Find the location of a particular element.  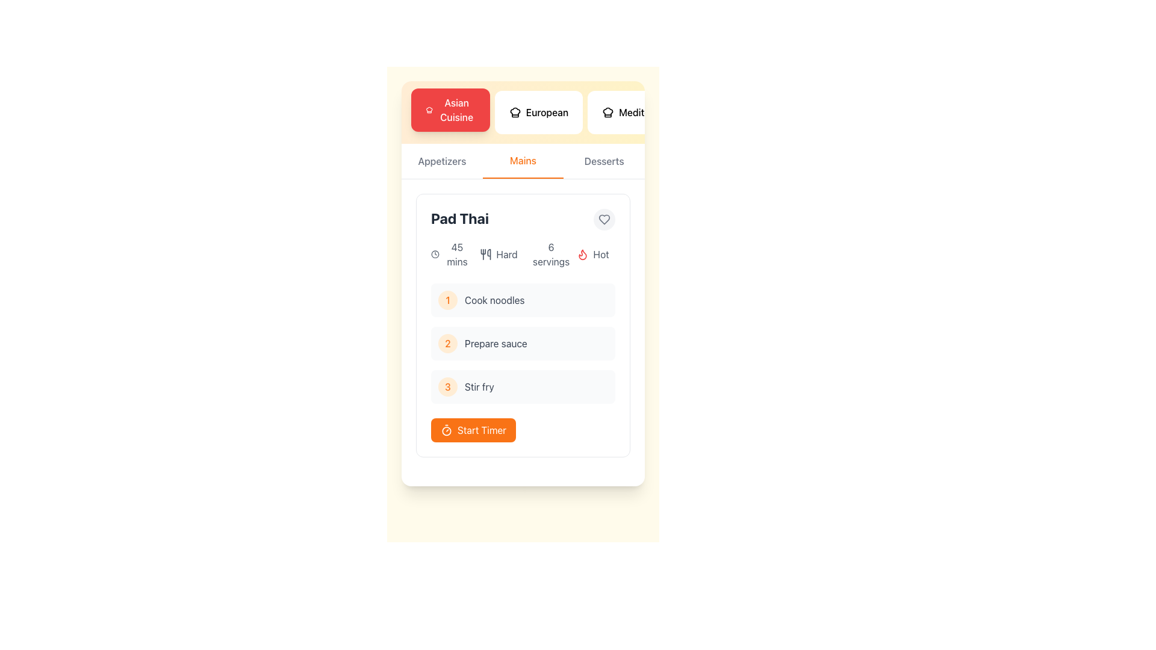

the first Tab Item in the horizontal menu is located at coordinates (441, 160).